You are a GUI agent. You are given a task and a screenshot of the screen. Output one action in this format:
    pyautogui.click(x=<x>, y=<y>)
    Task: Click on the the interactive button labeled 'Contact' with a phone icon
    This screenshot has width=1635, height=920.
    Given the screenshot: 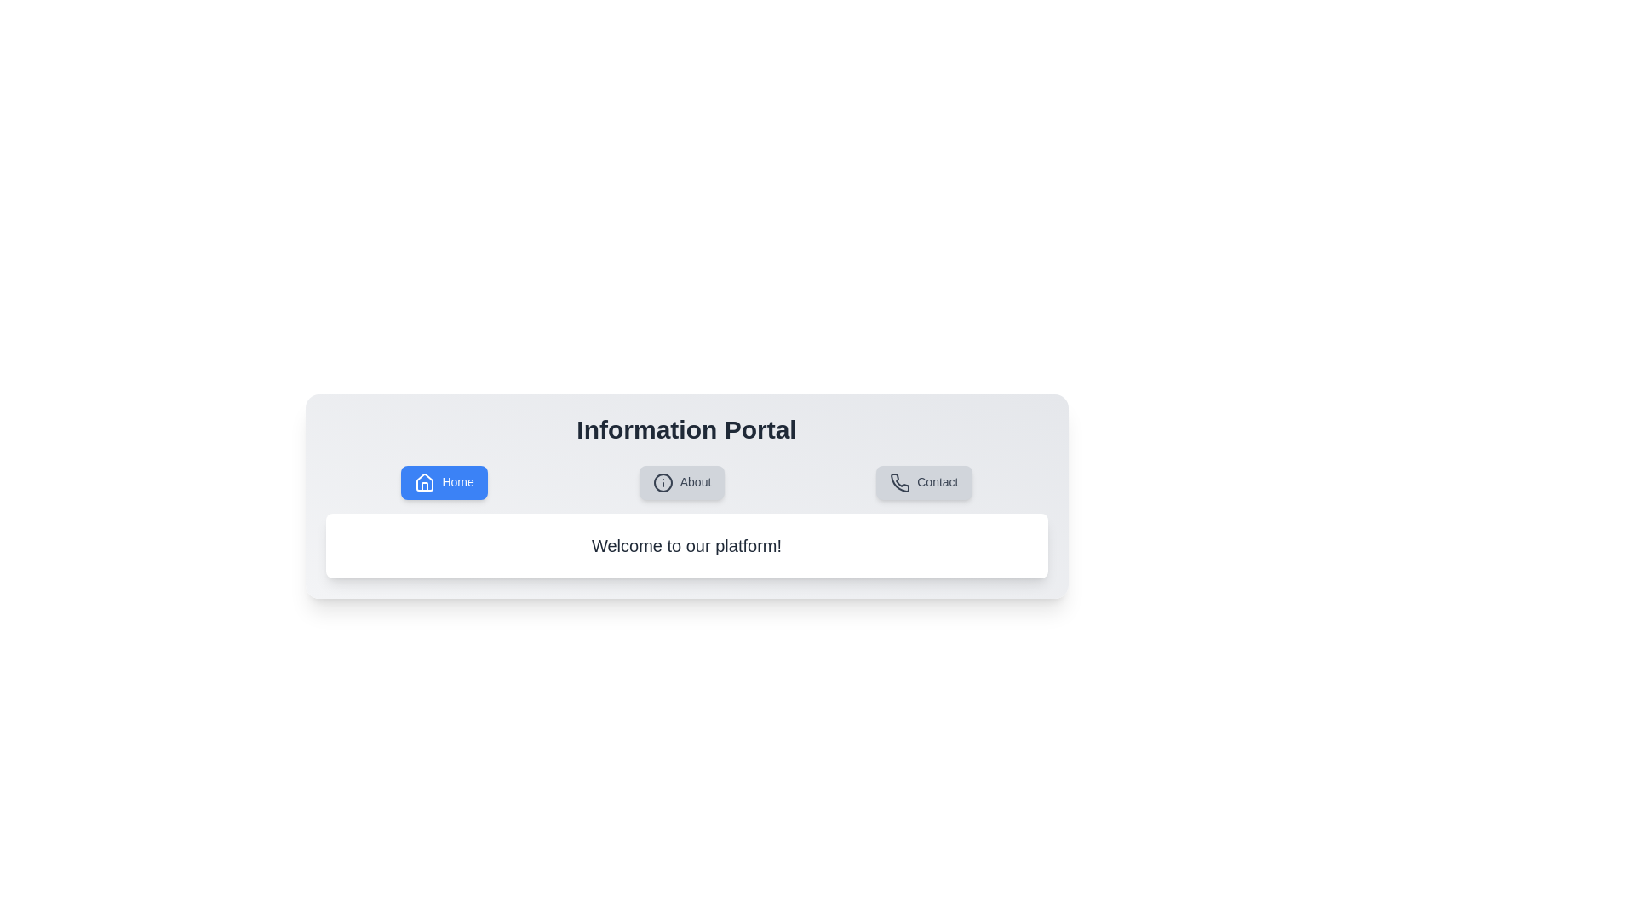 What is the action you would take?
    pyautogui.click(x=923, y=483)
    